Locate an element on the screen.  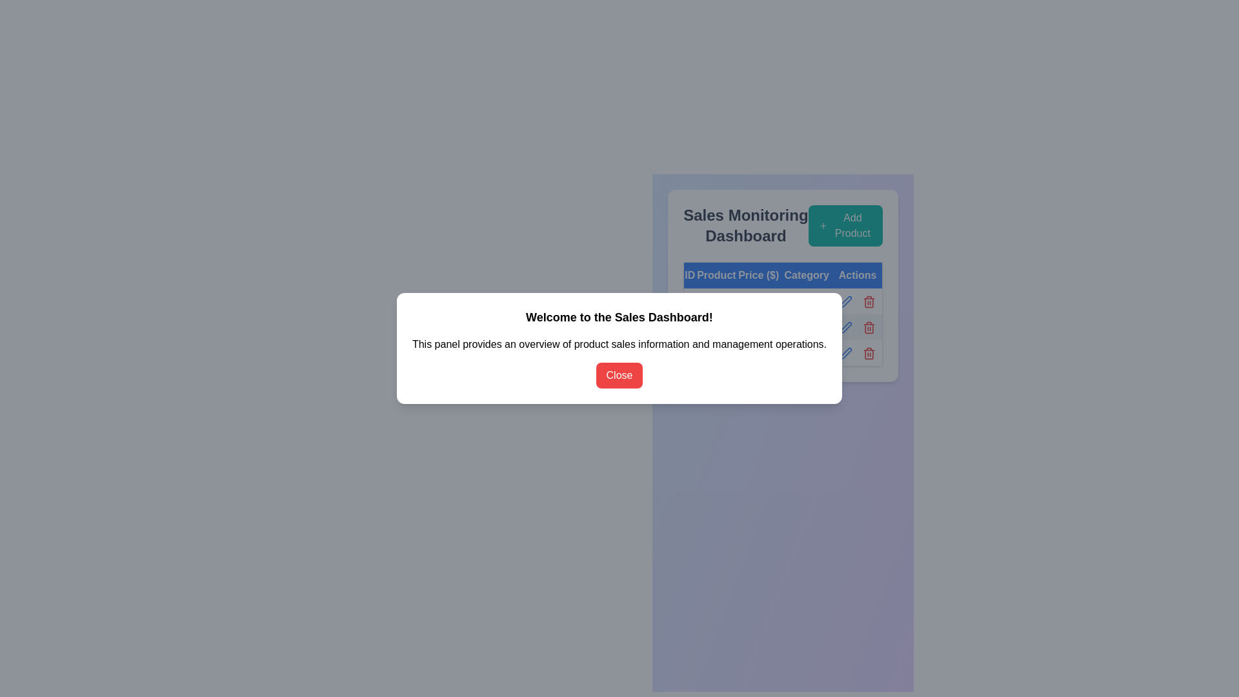
the trash can icon button in the 'Actions' column is located at coordinates (858, 353).